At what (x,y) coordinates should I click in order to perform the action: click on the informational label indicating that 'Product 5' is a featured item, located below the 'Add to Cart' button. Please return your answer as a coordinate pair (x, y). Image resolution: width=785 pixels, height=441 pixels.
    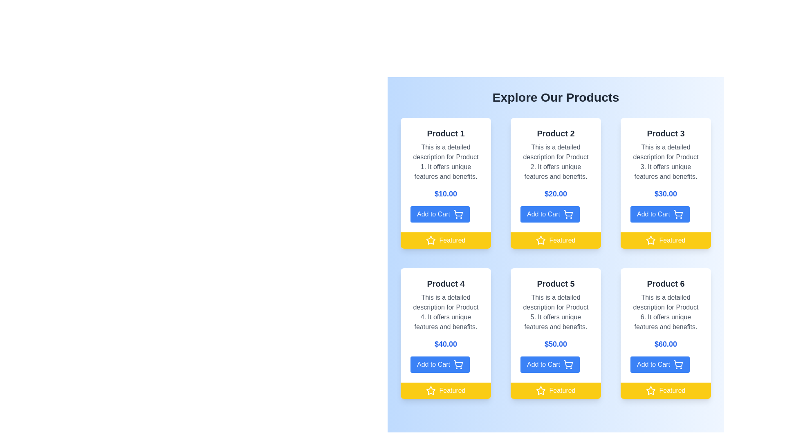
    Looking at the image, I should click on (556, 390).